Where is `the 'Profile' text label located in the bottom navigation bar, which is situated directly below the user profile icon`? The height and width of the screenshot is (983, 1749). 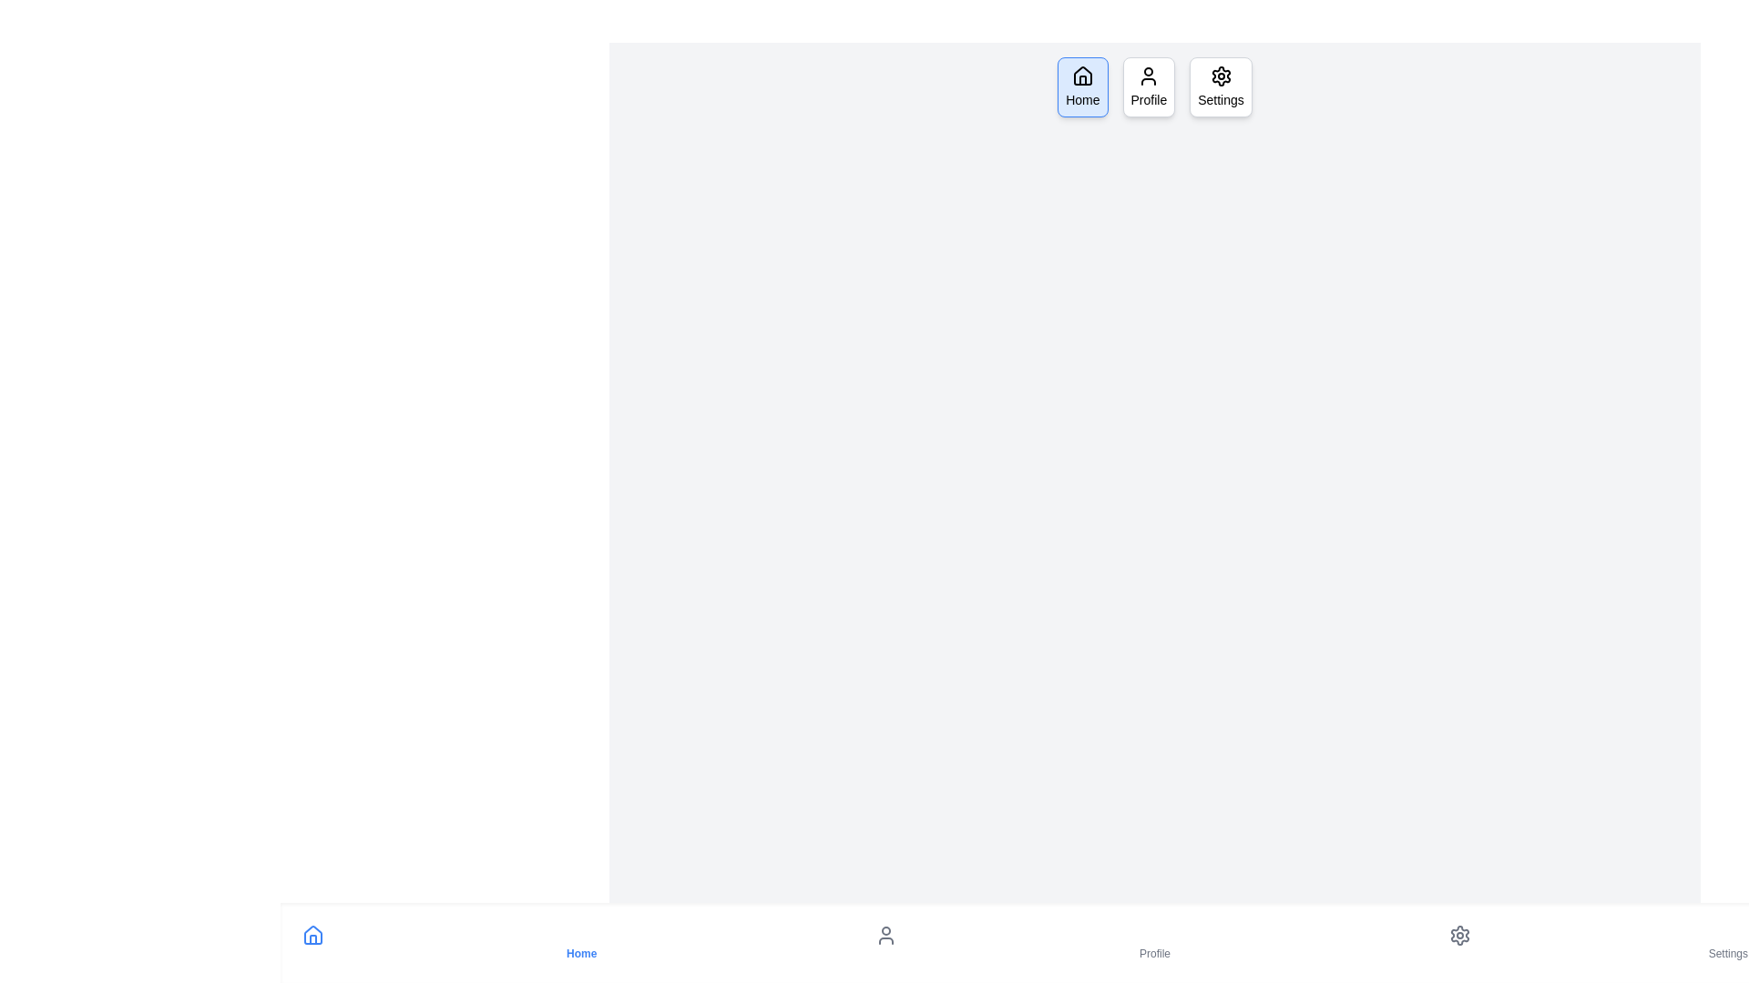
the 'Profile' text label located in the bottom navigation bar, which is situated directly below the user profile icon is located at coordinates (1153, 953).